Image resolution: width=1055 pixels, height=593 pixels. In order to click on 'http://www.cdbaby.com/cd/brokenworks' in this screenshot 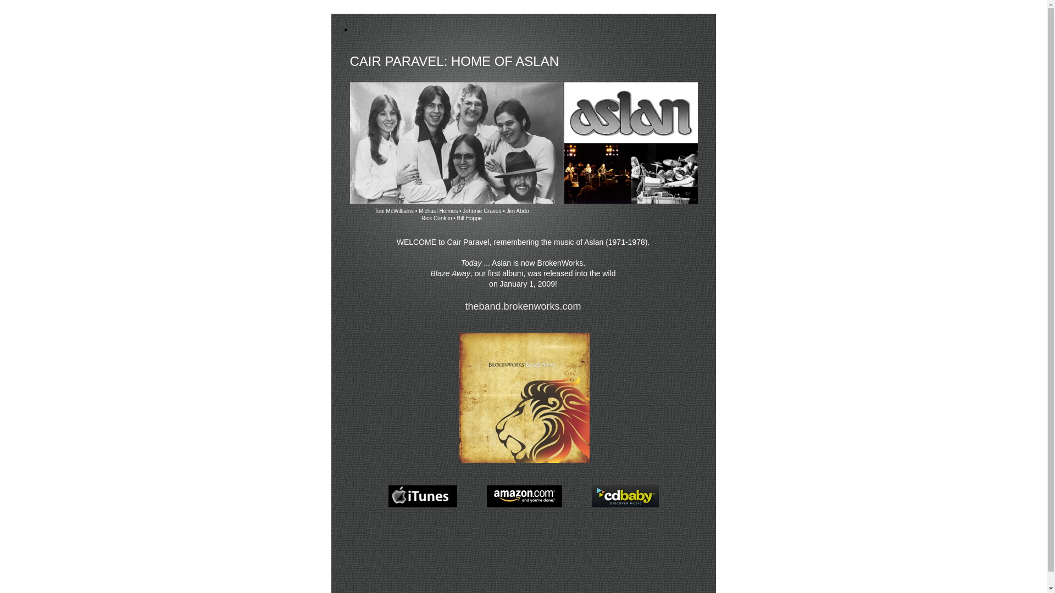, I will do `click(625, 507)`.